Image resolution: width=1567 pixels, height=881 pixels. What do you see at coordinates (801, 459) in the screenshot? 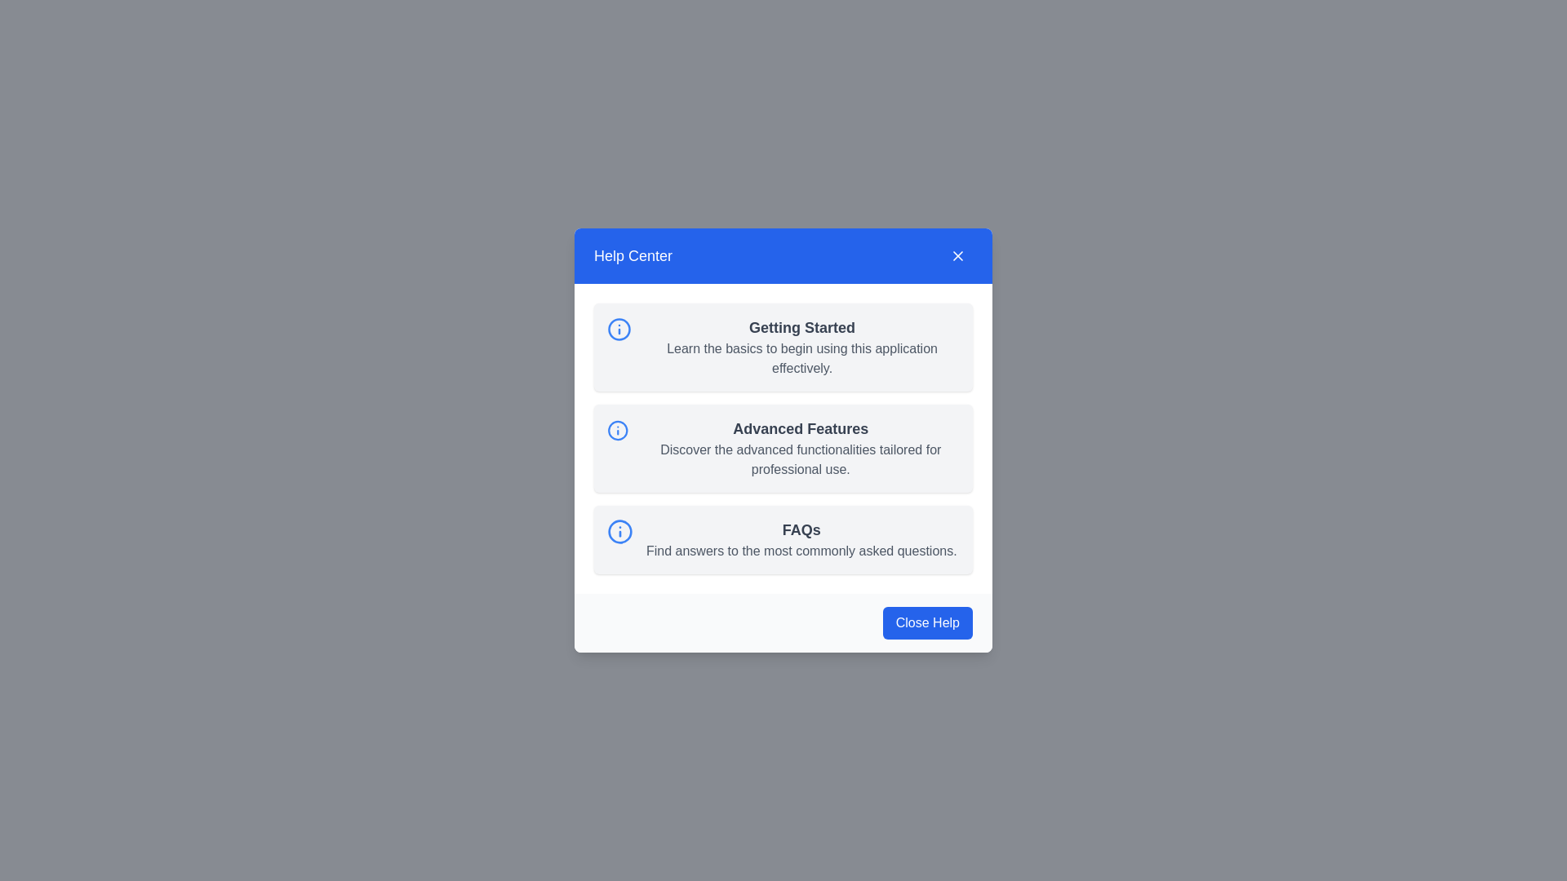
I see `the explanatory text label located beneath the 'Advanced Features' header in the 'Help Center' dialog` at bounding box center [801, 459].